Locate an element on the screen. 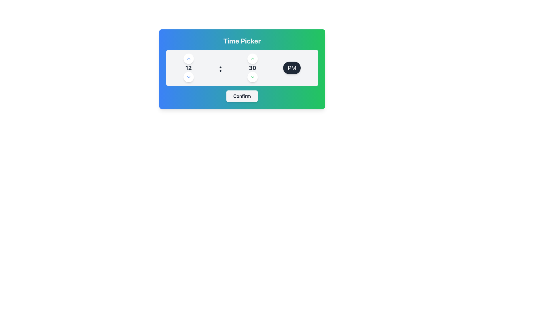  bold numeric text '12' displayed in the left vertical selector panel of the time picker interface to know the selected hour is located at coordinates (188, 67).